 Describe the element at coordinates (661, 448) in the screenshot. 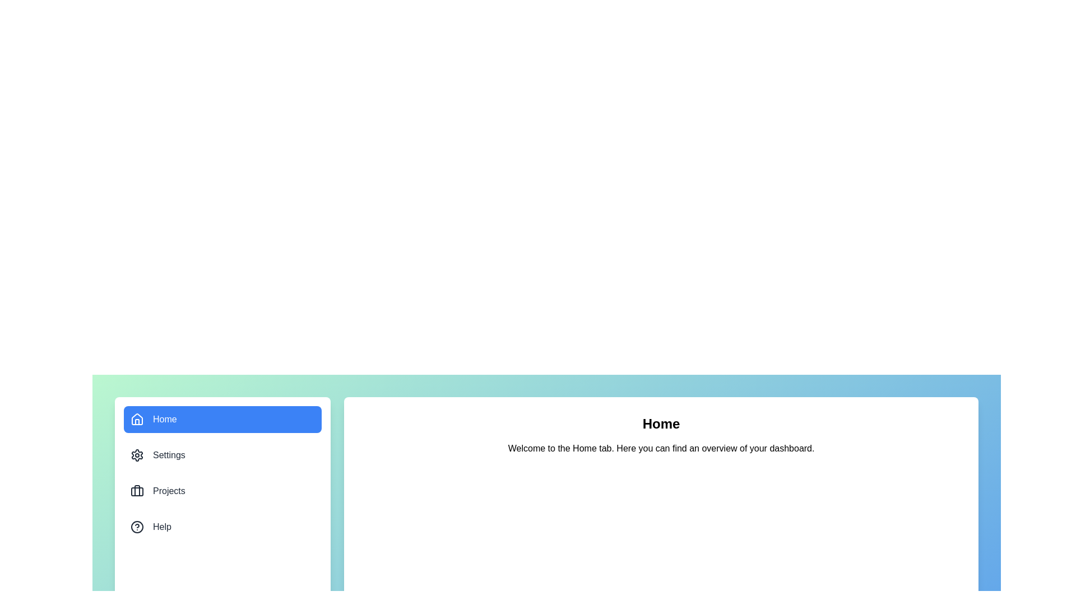

I see `the content area of the active tab to interact with it` at that location.